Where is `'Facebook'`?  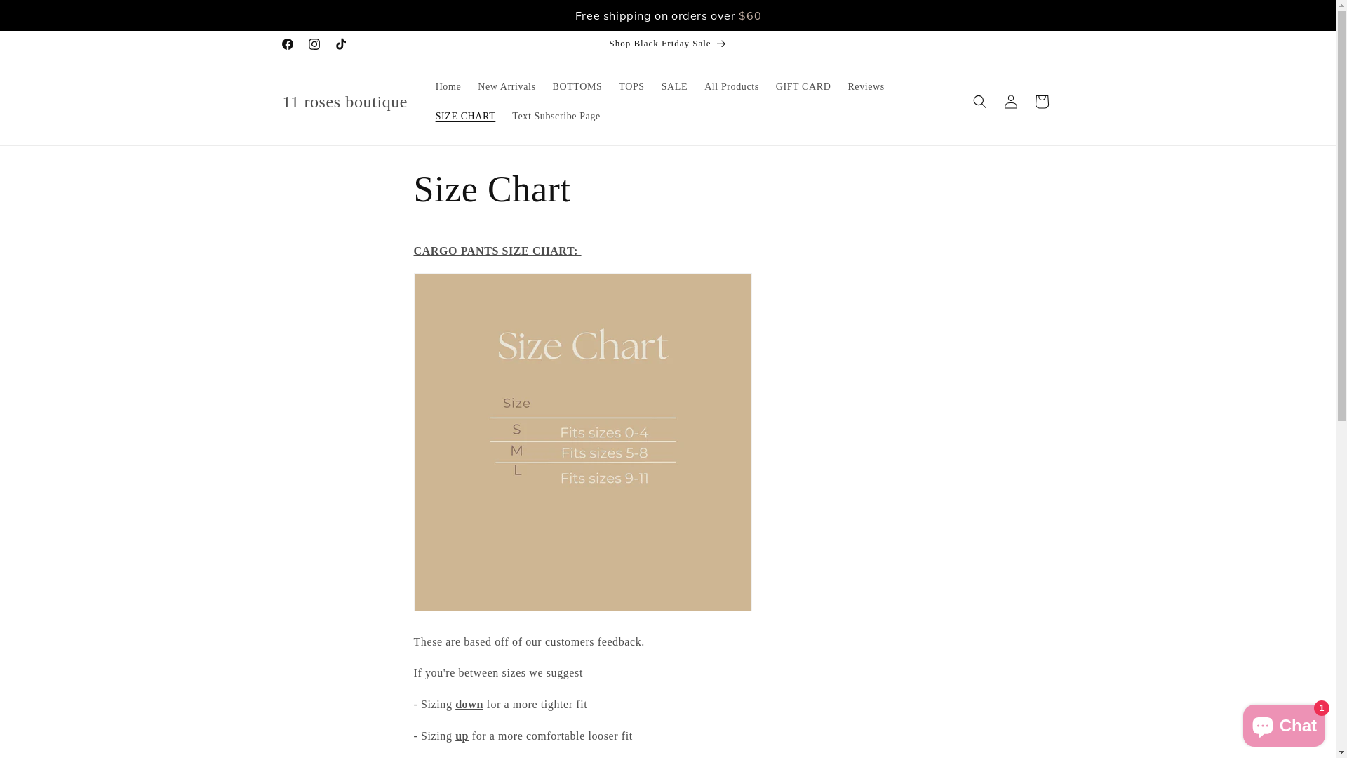 'Facebook' is located at coordinates (286, 43).